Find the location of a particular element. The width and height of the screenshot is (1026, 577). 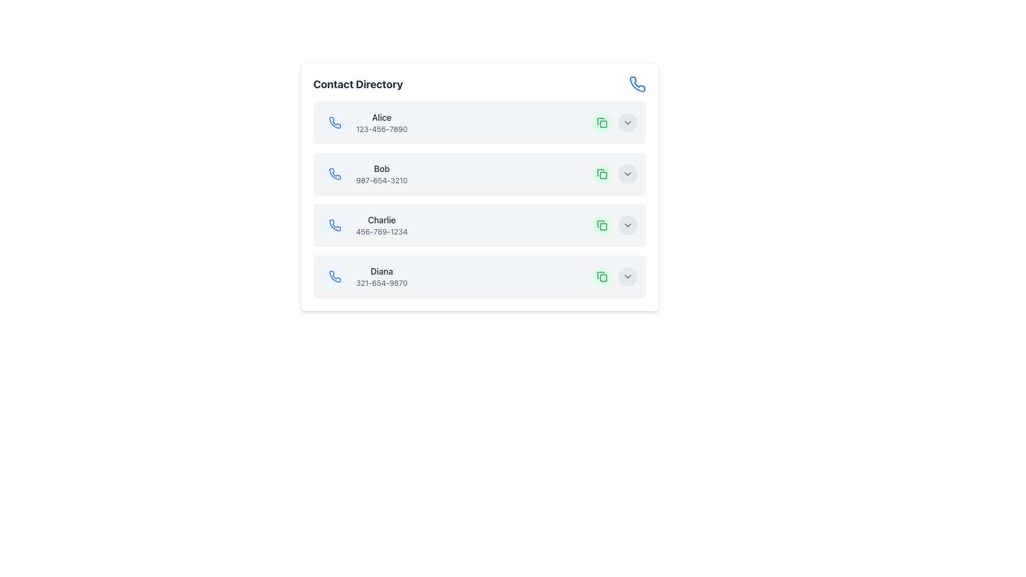

text label displaying the name 'Diana' located at the center of the fourth entry in a vertically arranged list of contact entries is located at coordinates (382, 271).